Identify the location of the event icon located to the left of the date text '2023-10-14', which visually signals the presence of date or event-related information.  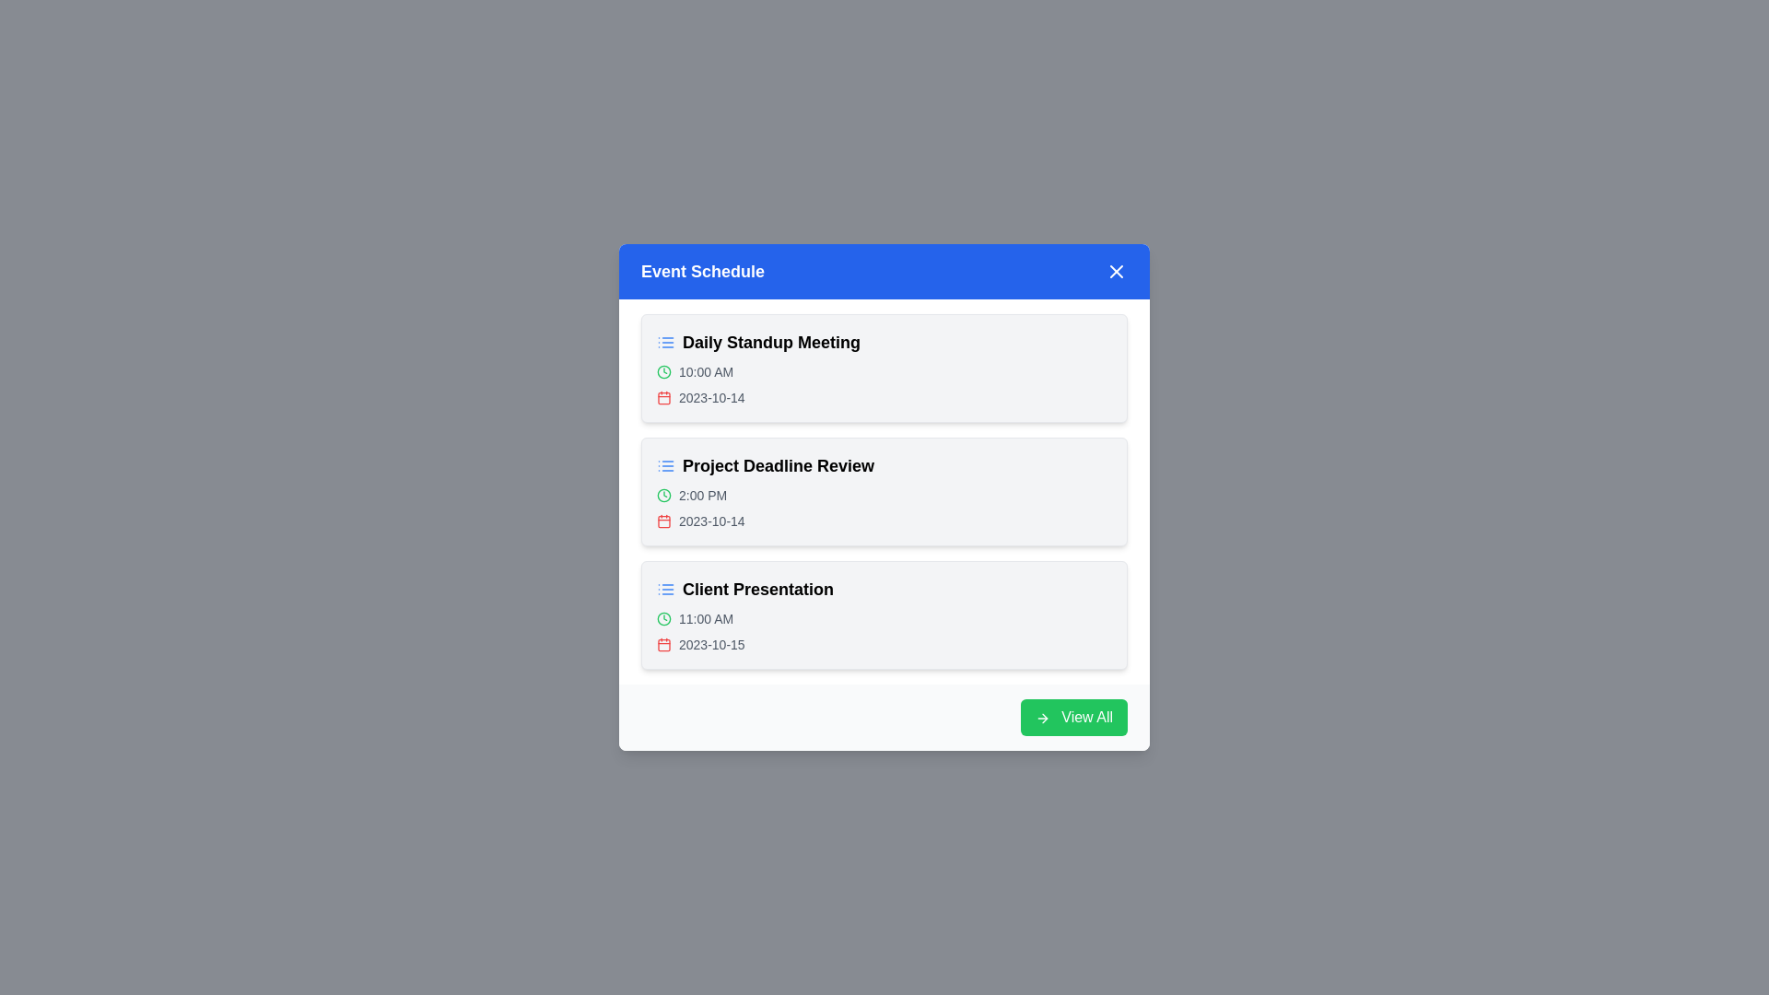
(663, 521).